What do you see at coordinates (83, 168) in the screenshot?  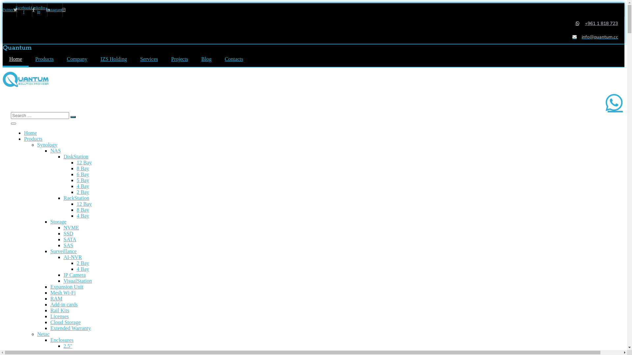 I see `'8 Bay'` at bounding box center [83, 168].